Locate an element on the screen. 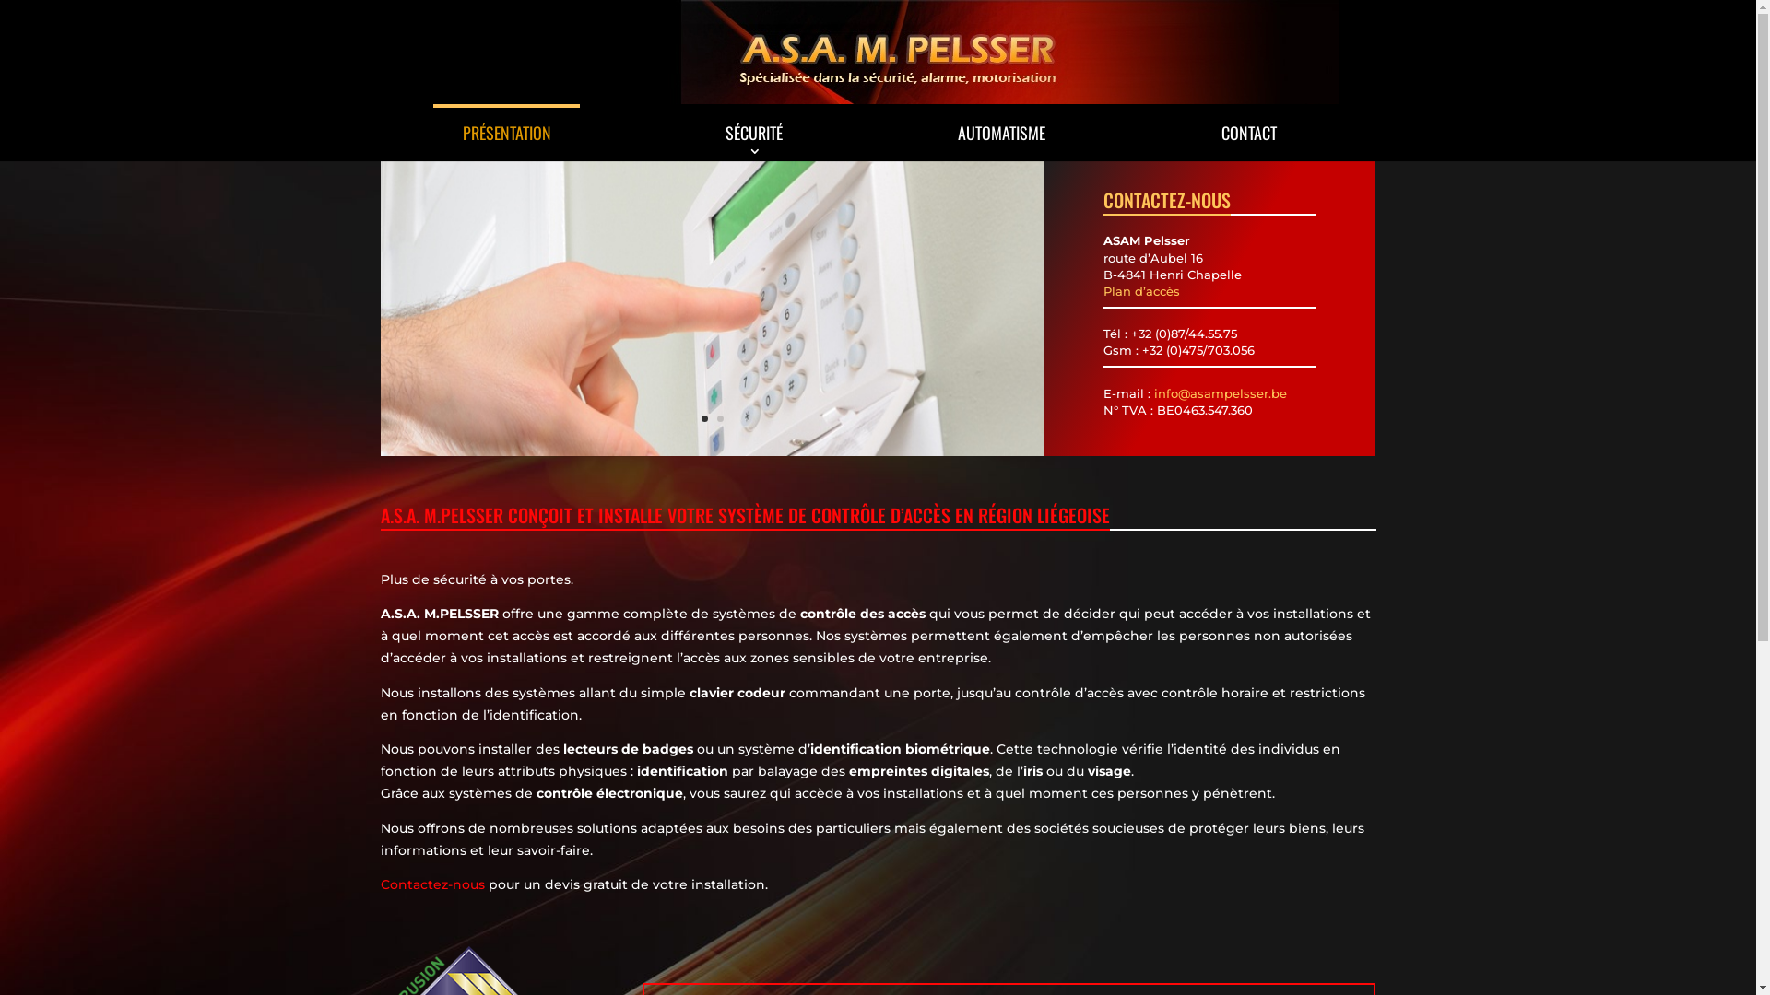 This screenshot has width=1770, height=995. 'info@asampelsser.be' is located at coordinates (1221, 392).